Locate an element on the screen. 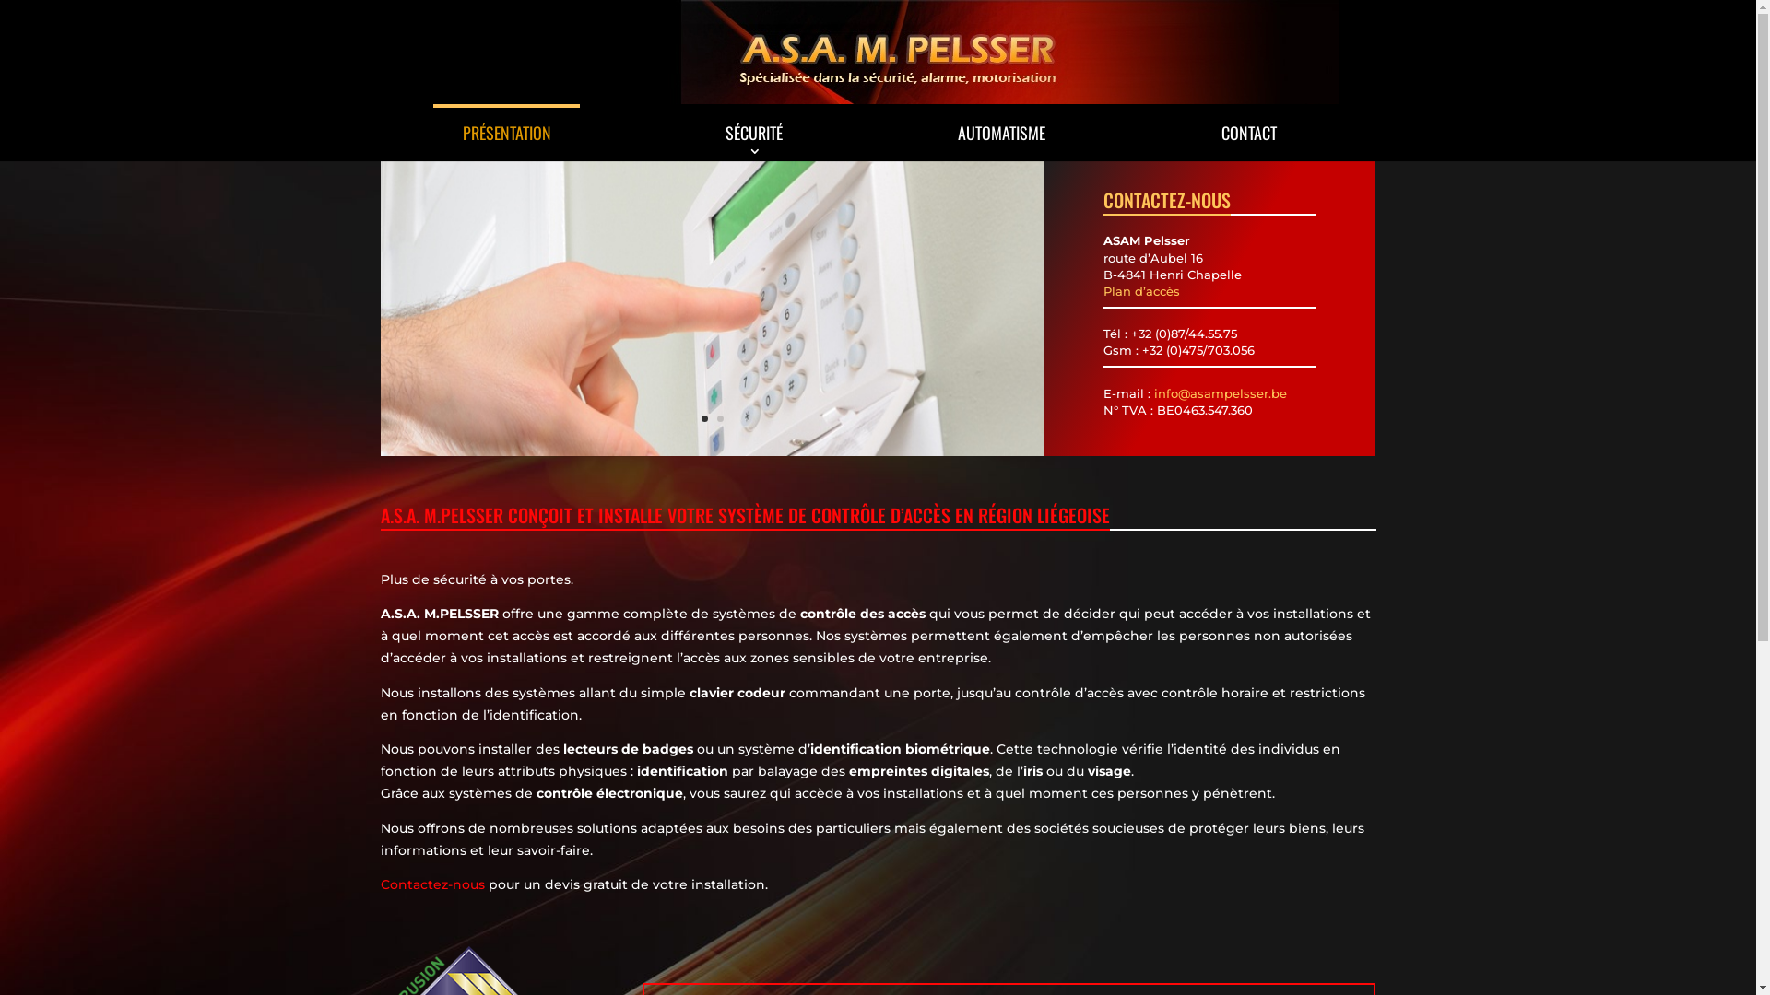 This screenshot has width=1770, height=995. 'info@asampelsser.be' is located at coordinates (1221, 392).